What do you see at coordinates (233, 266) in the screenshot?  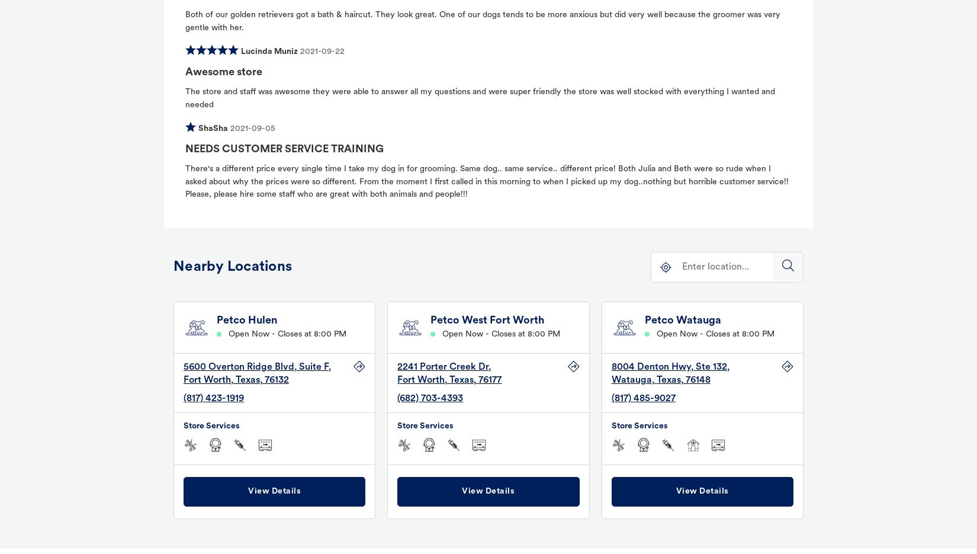 I see `'Nearby Locations'` at bounding box center [233, 266].